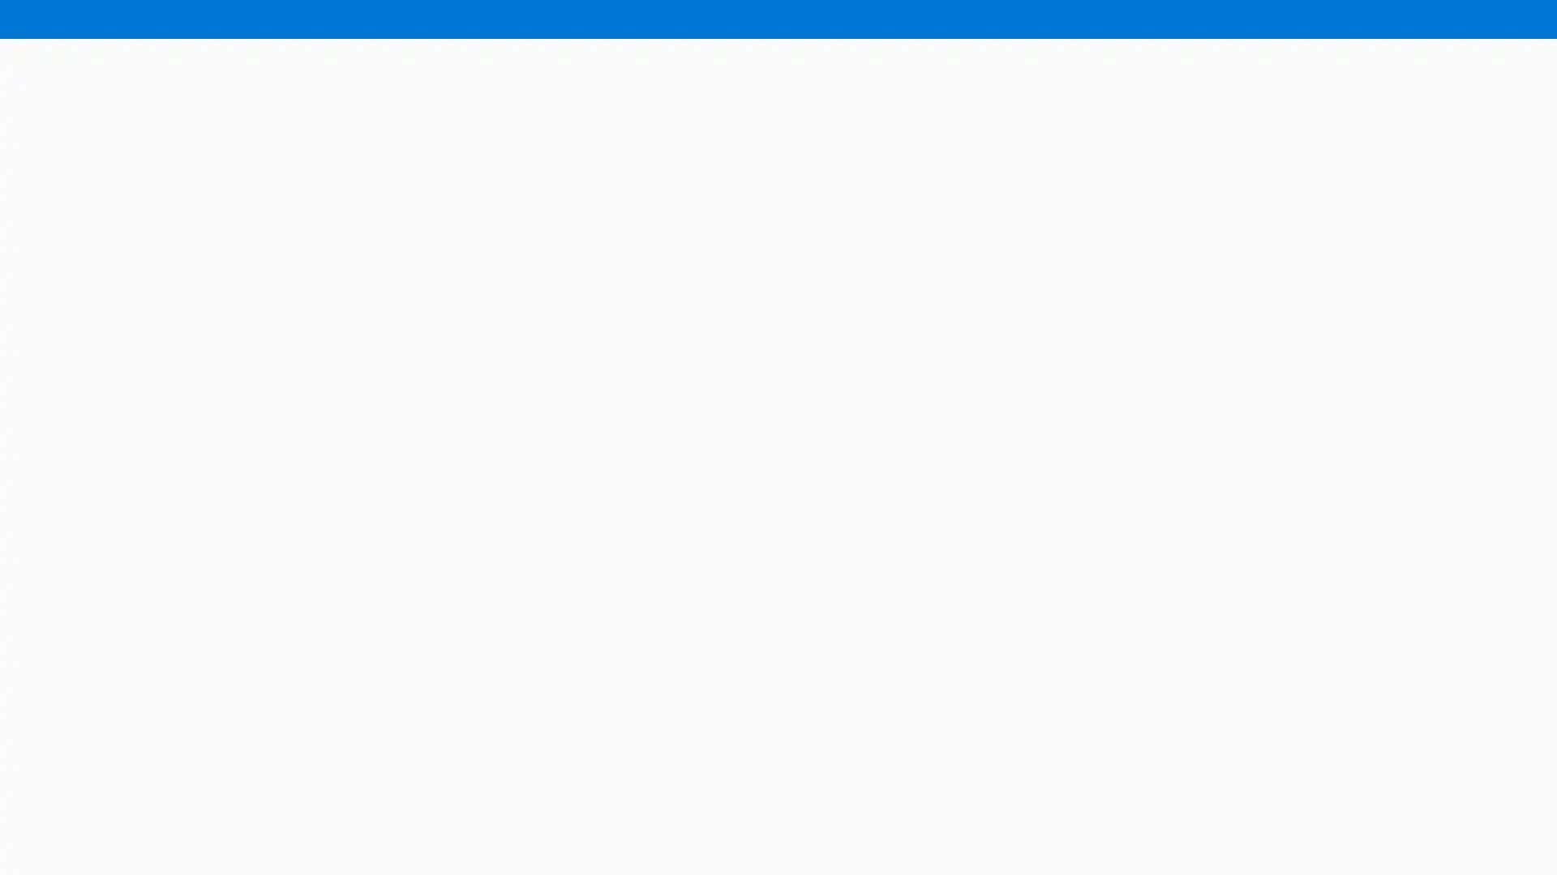 The height and width of the screenshot is (875, 1557). Describe the element at coordinates (1492, 19) in the screenshot. I see `Create account` at that location.